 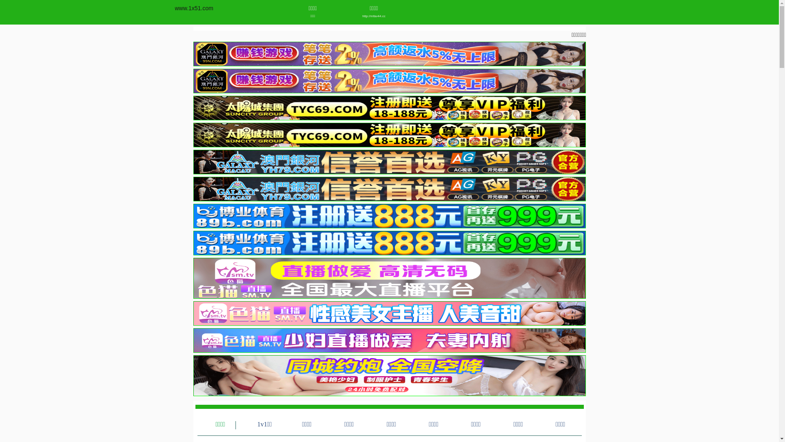 What do you see at coordinates (194, 8) in the screenshot?
I see `'www.1x51.com'` at bounding box center [194, 8].